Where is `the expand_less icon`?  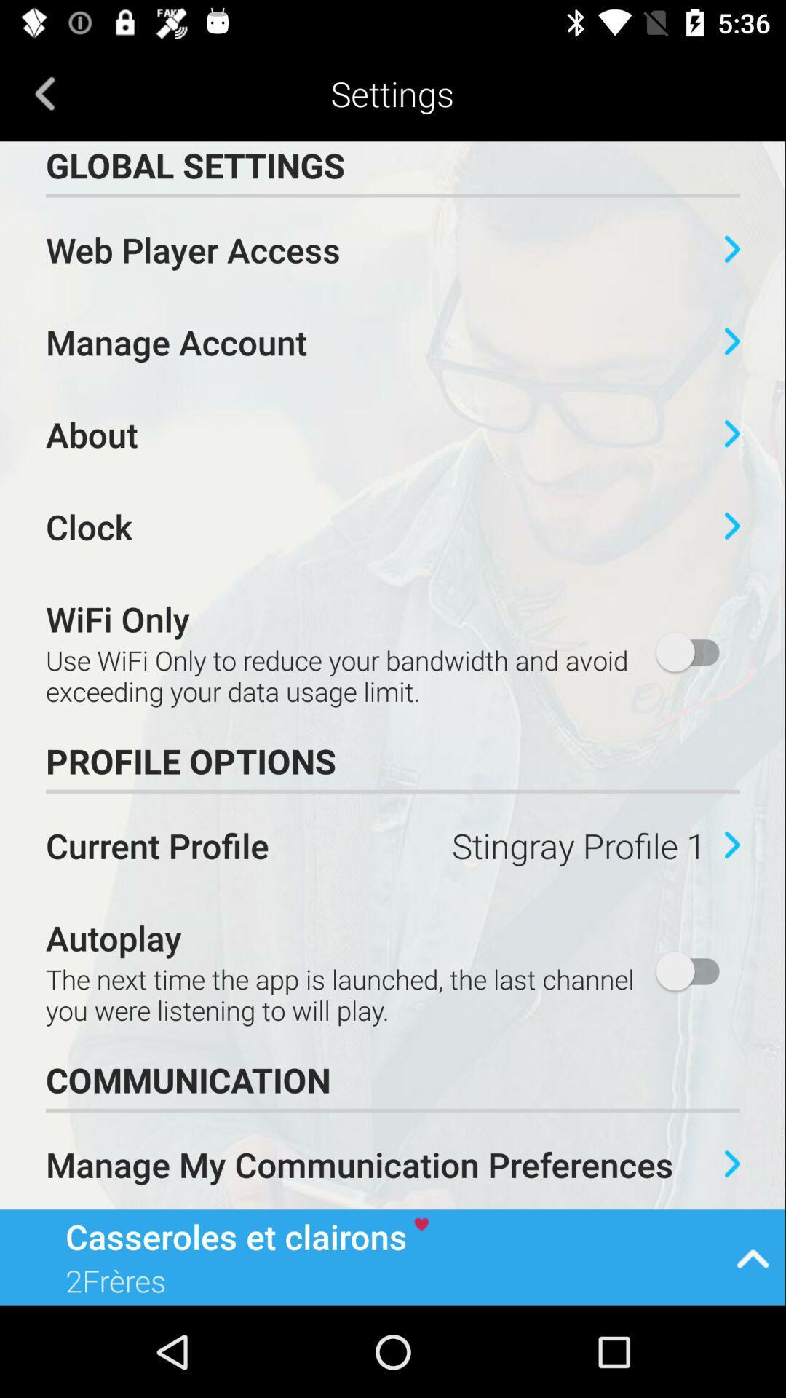
the expand_less icon is located at coordinates (753, 1256).